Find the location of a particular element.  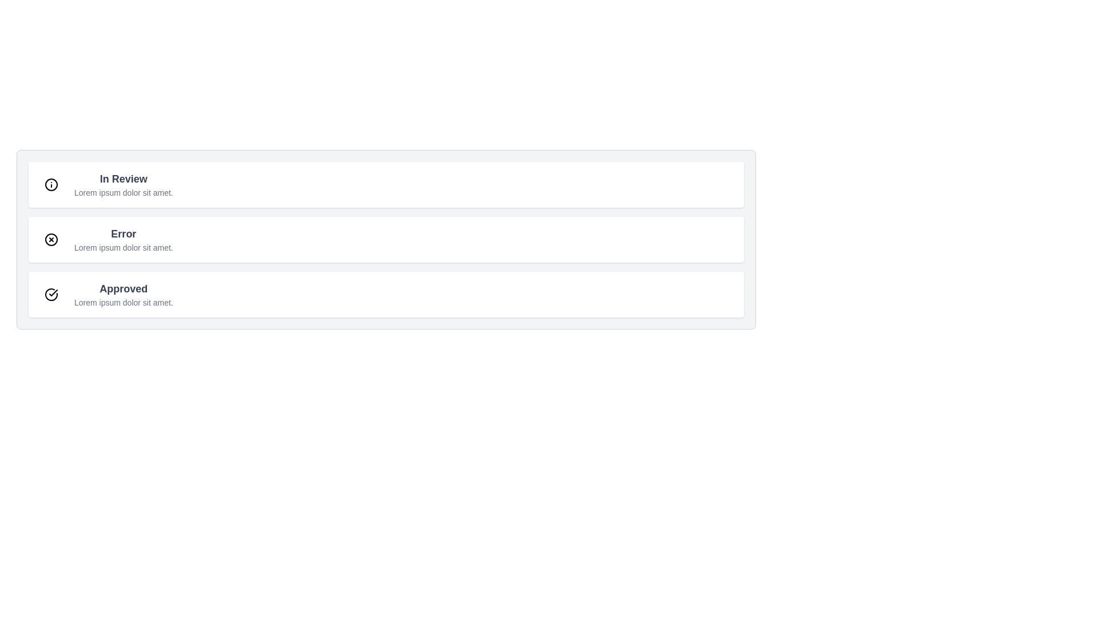

the state of the error status indicator icon located to the left of the 'Error' label in the second row of the status list is located at coordinates (51, 239).